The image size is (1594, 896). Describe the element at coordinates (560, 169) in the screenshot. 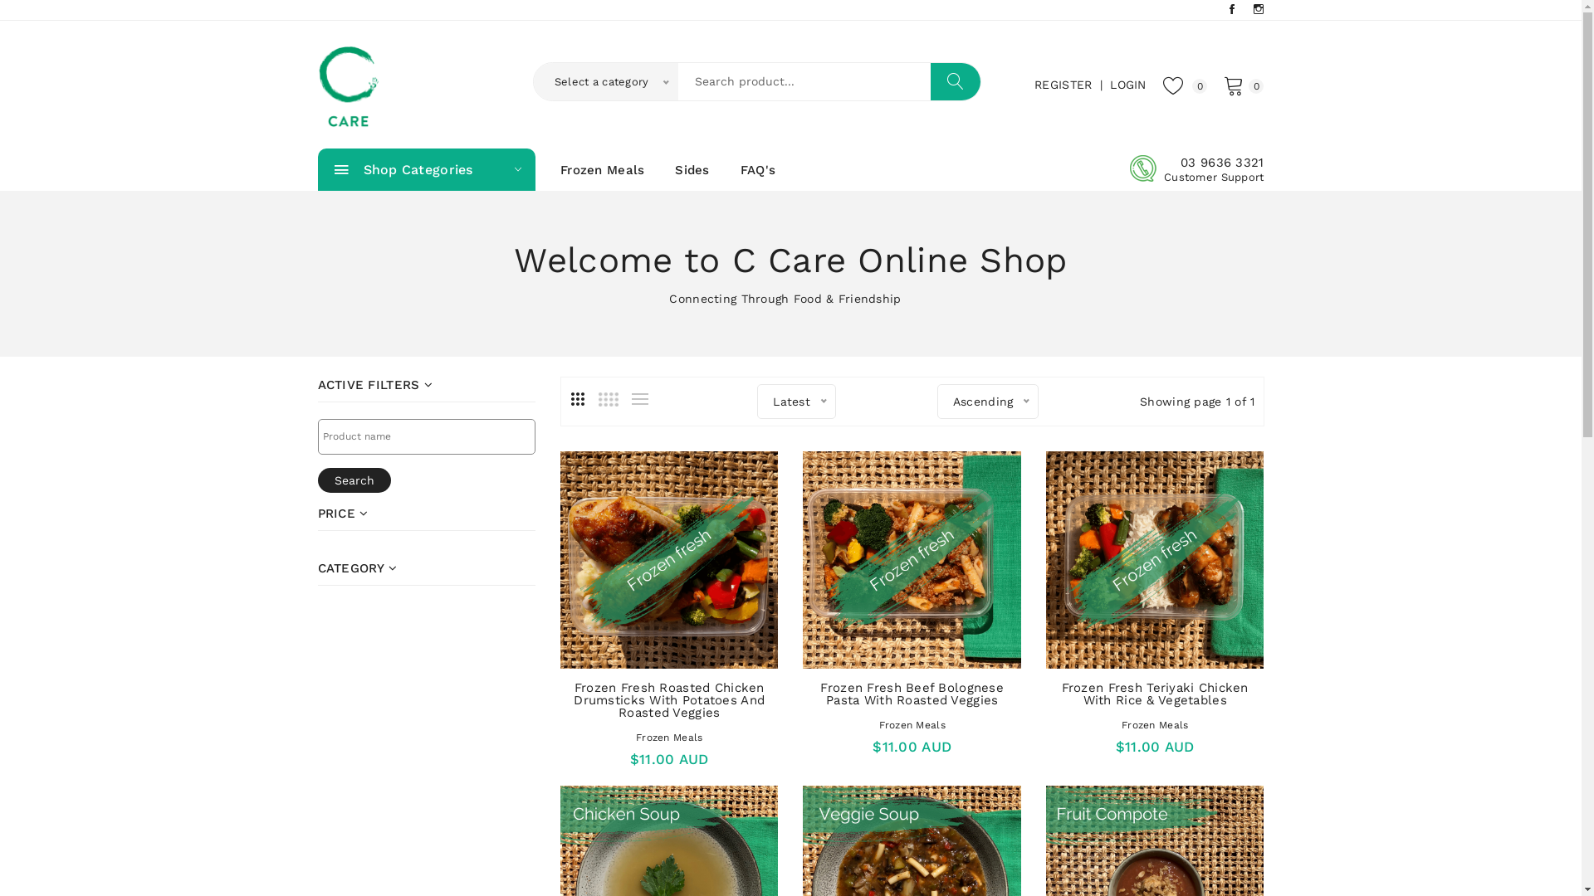

I see `'Frozen Meals'` at that location.